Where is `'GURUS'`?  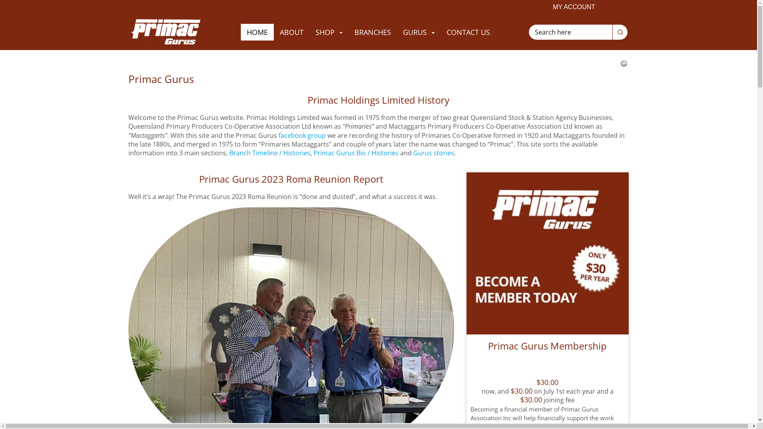 'GURUS' is located at coordinates (397, 32).